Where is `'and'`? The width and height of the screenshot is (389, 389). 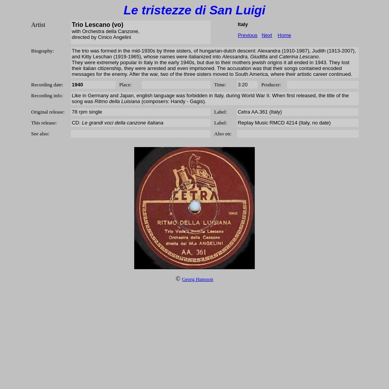 'and' is located at coordinates (273, 56).